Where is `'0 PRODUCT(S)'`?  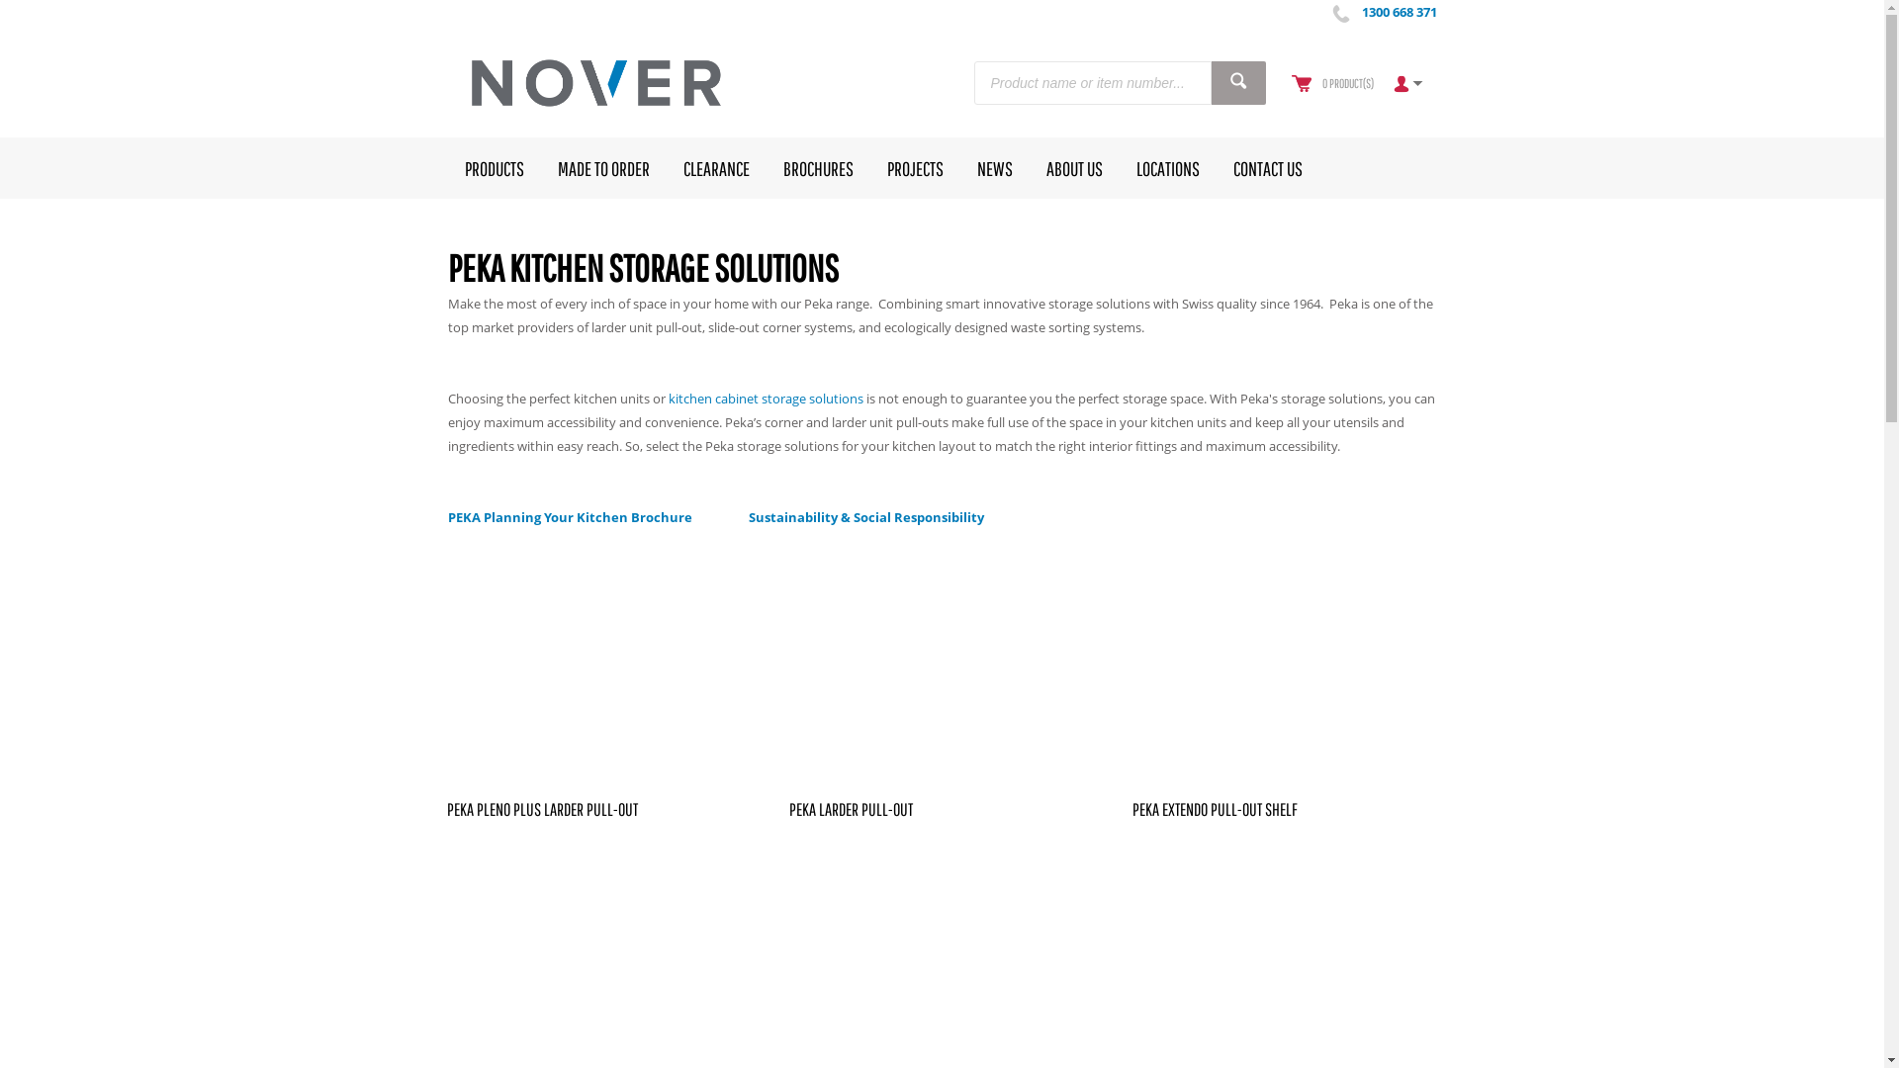 '0 PRODUCT(S)' is located at coordinates (1346, 82).